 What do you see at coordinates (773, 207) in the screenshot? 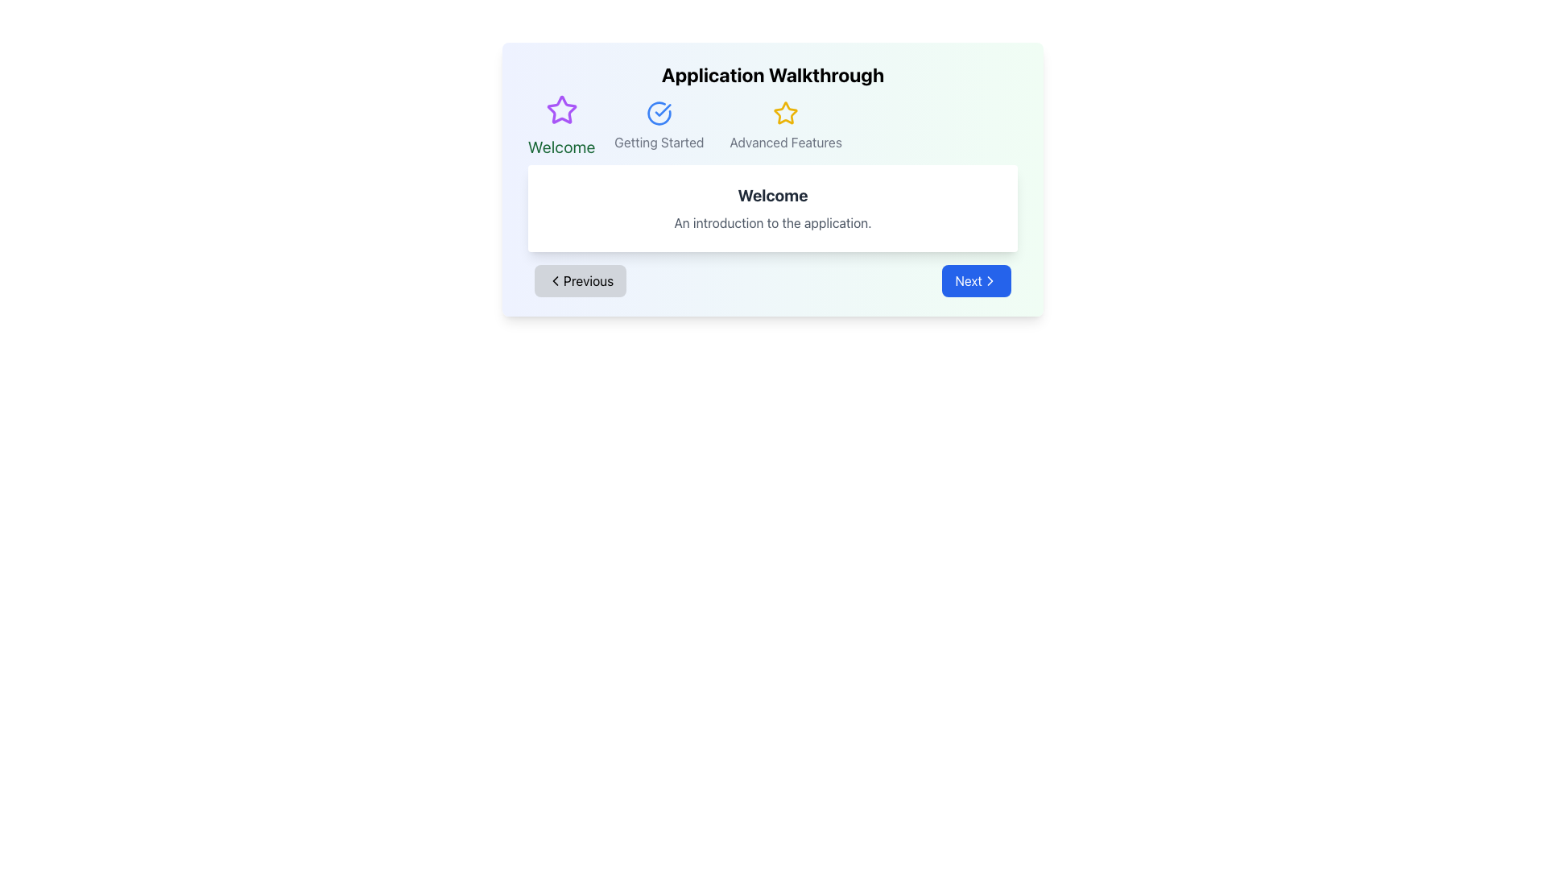
I see `the descriptive section that provides a welcome message and introductory description for the application, located in the center-right area below the 'Application Walkthrough' title and the navigation bar` at bounding box center [773, 207].